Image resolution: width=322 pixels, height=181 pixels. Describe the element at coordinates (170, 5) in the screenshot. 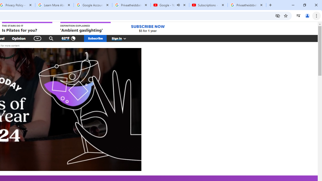

I see `'Google - YouTube - Audio playing'` at that location.